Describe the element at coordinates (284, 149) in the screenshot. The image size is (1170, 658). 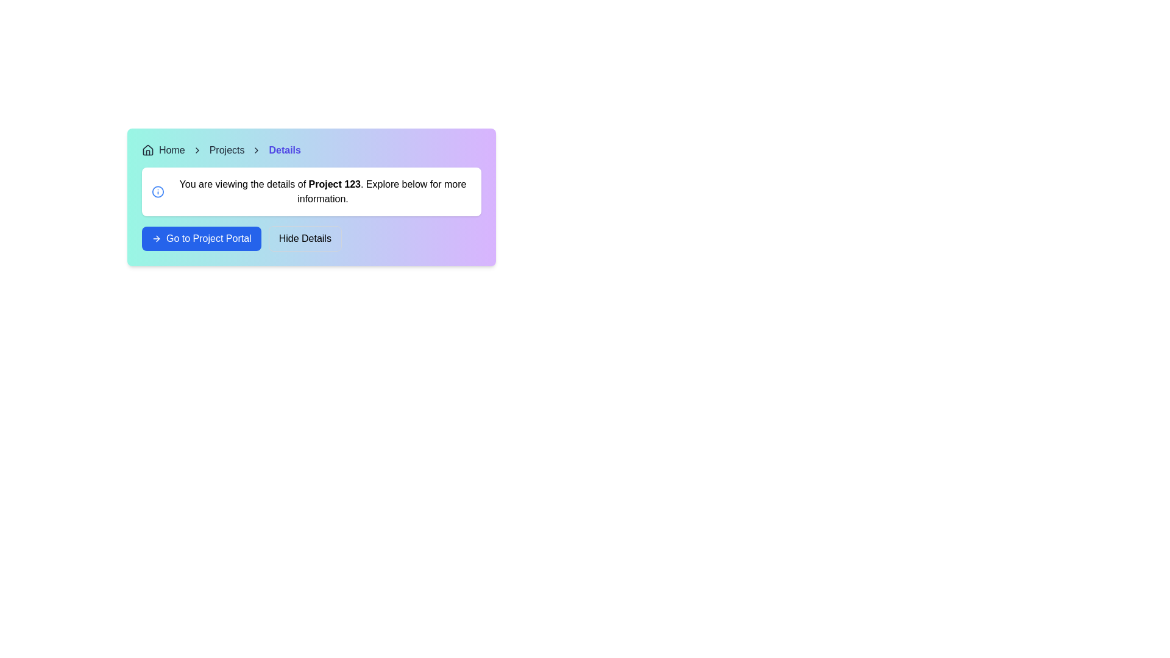
I see `the bold, indigo-colored text label reading 'Details' in the breadcrumb navigation` at that location.